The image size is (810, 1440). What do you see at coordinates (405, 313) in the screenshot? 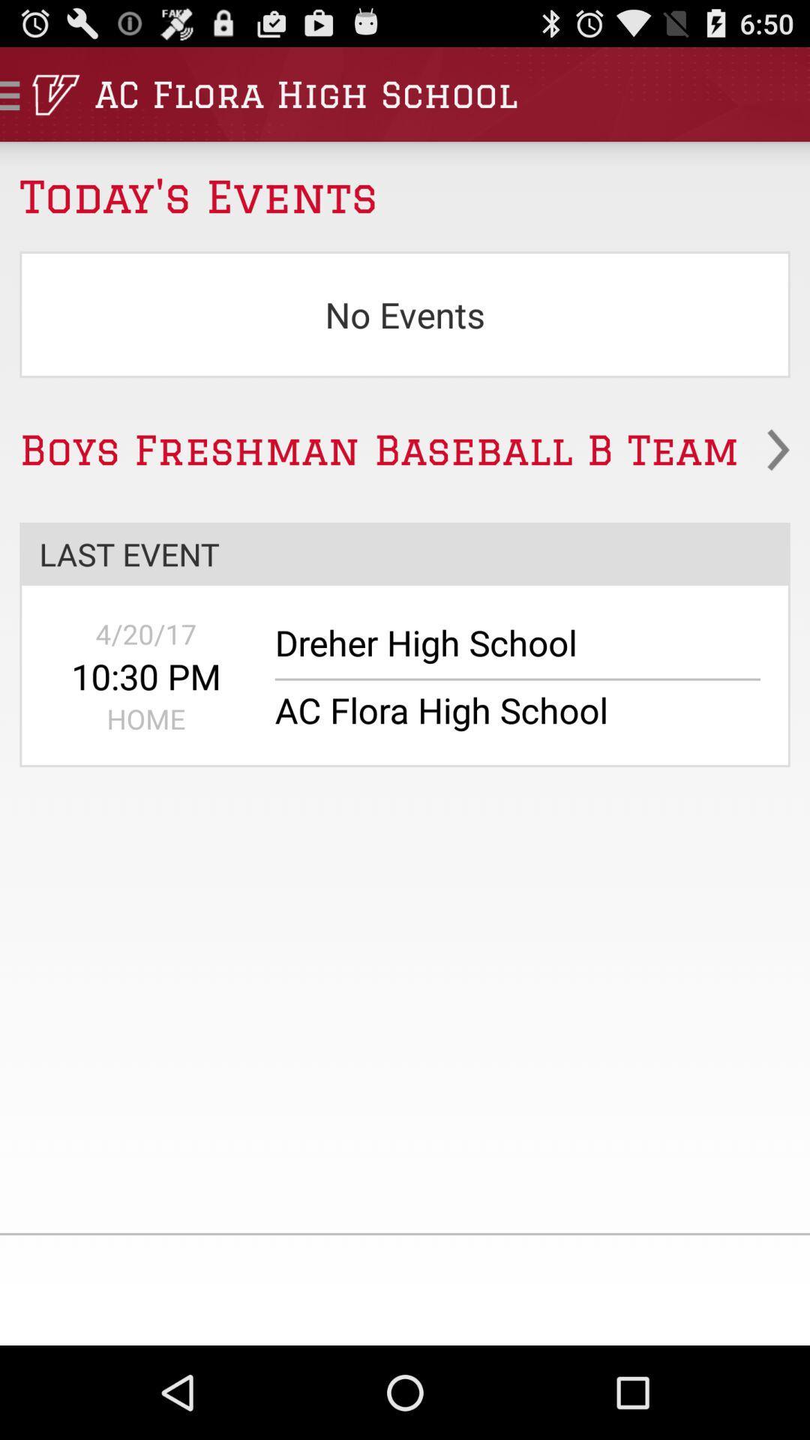
I see `the icon above the boys freshman baseball app` at bounding box center [405, 313].